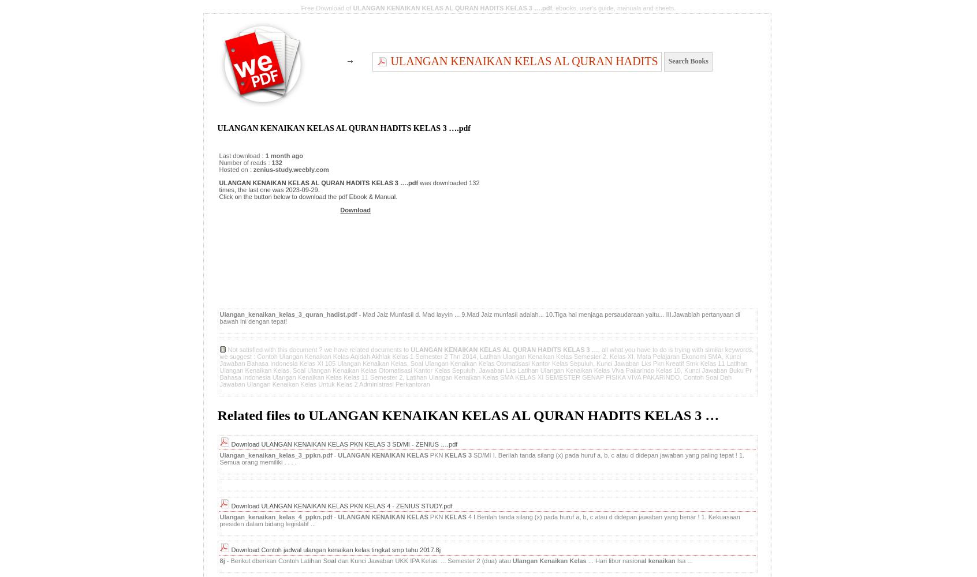 The height and width of the screenshot is (577, 977). What do you see at coordinates (319, 349) in the screenshot?
I see `'Not satisfied with this document ? we have related documents to'` at bounding box center [319, 349].